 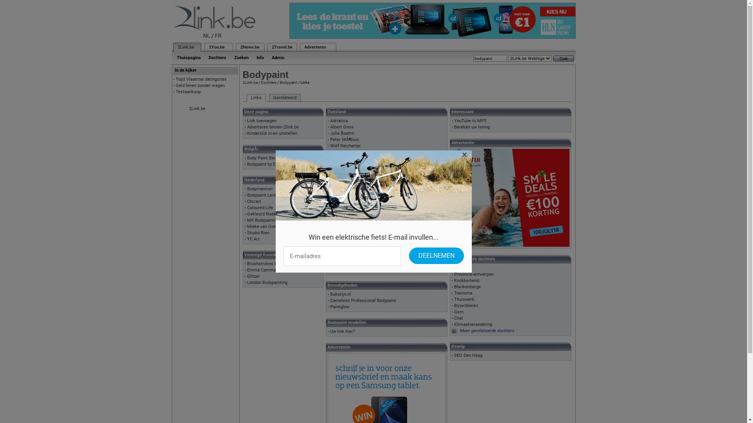 I want to click on 'Bodymention', so click(x=260, y=189).